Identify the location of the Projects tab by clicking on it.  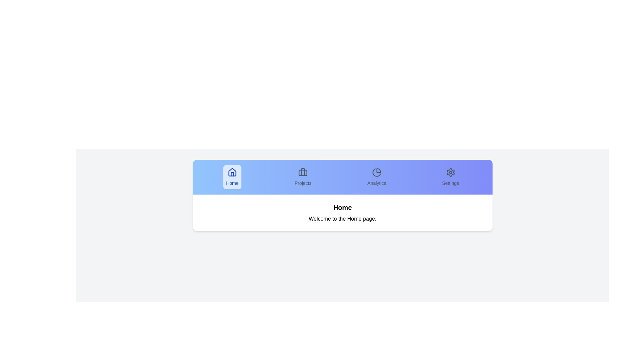
(303, 176).